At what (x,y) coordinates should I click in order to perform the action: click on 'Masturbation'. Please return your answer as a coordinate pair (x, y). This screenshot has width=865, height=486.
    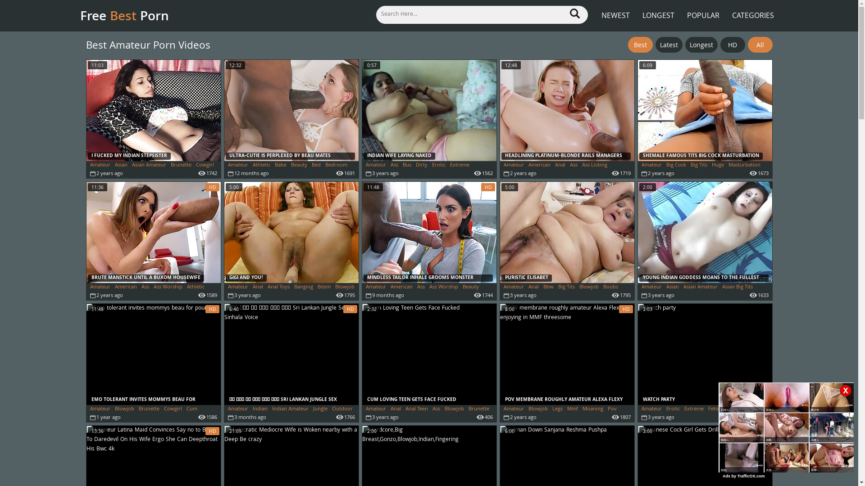
    Looking at the image, I should click on (744, 165).